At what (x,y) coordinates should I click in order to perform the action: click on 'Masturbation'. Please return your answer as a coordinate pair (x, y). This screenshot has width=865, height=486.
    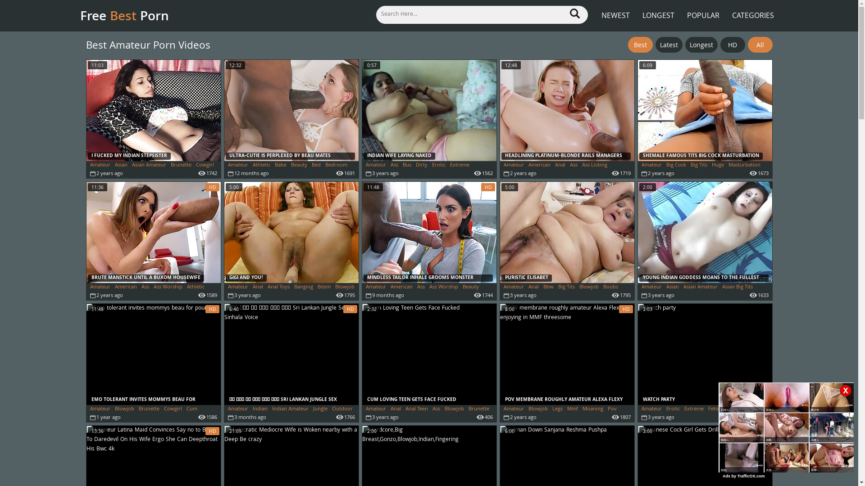
    Looking at the image, I should click on (744, 165).